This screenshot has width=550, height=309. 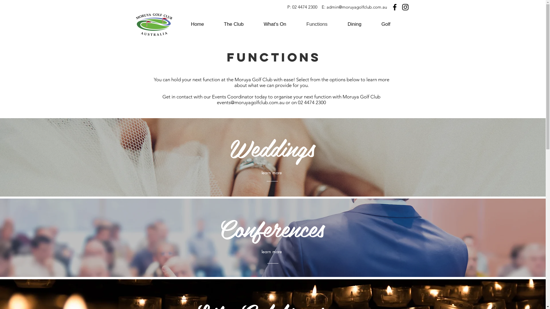 I want to click on 'Weddings', so click(x=272, y=148).